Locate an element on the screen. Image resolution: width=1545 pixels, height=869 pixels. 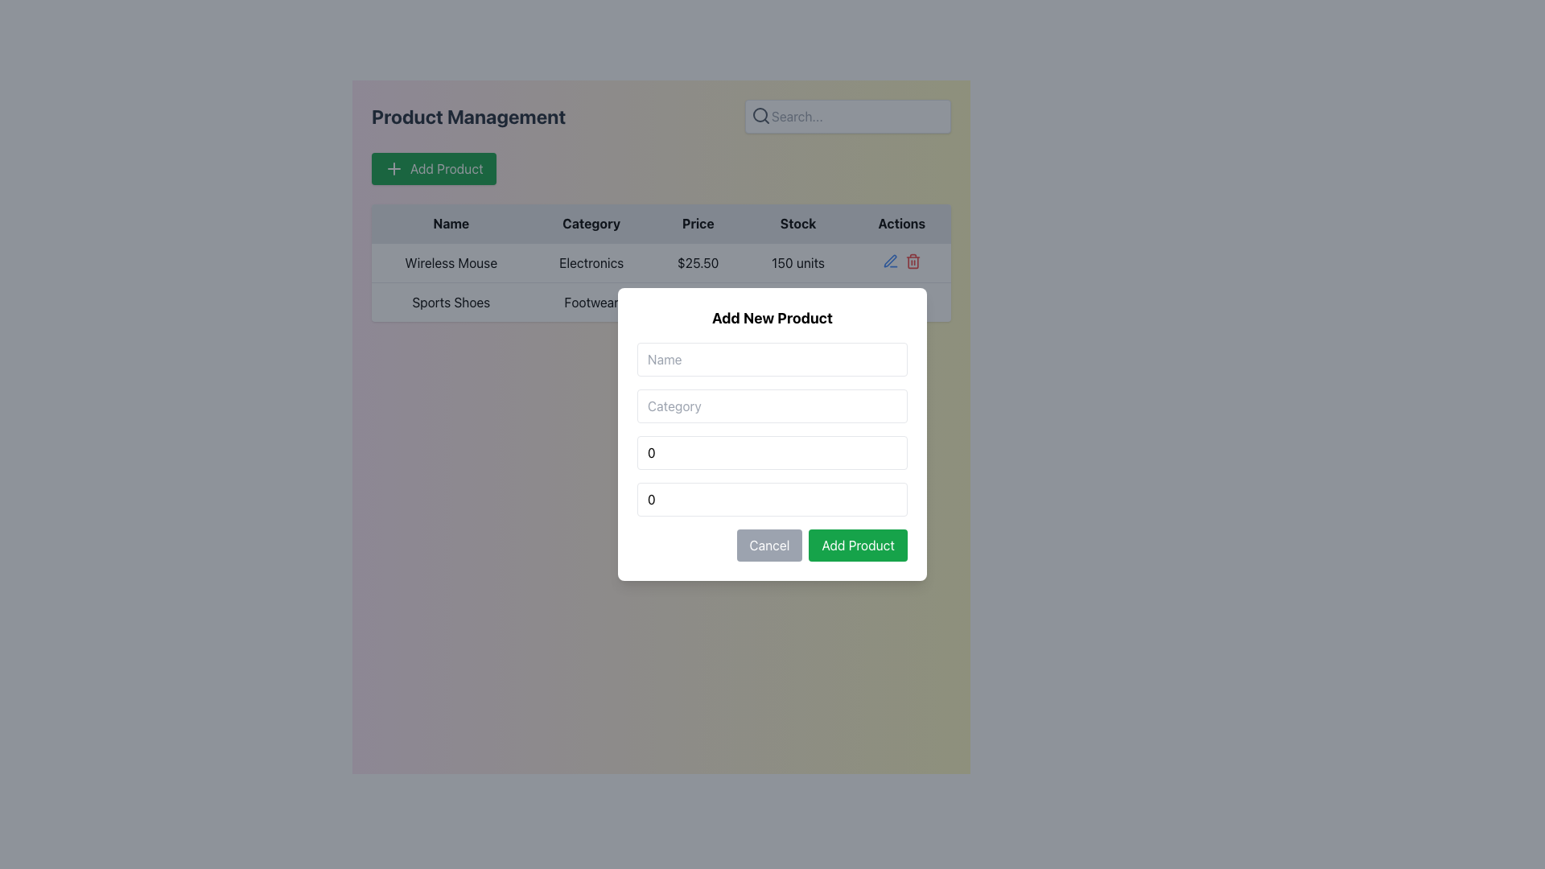
the 'Price' text label in bold, black font, which is the third element in the header row of a table structure used for column titles is located at coordinates (698, 224).